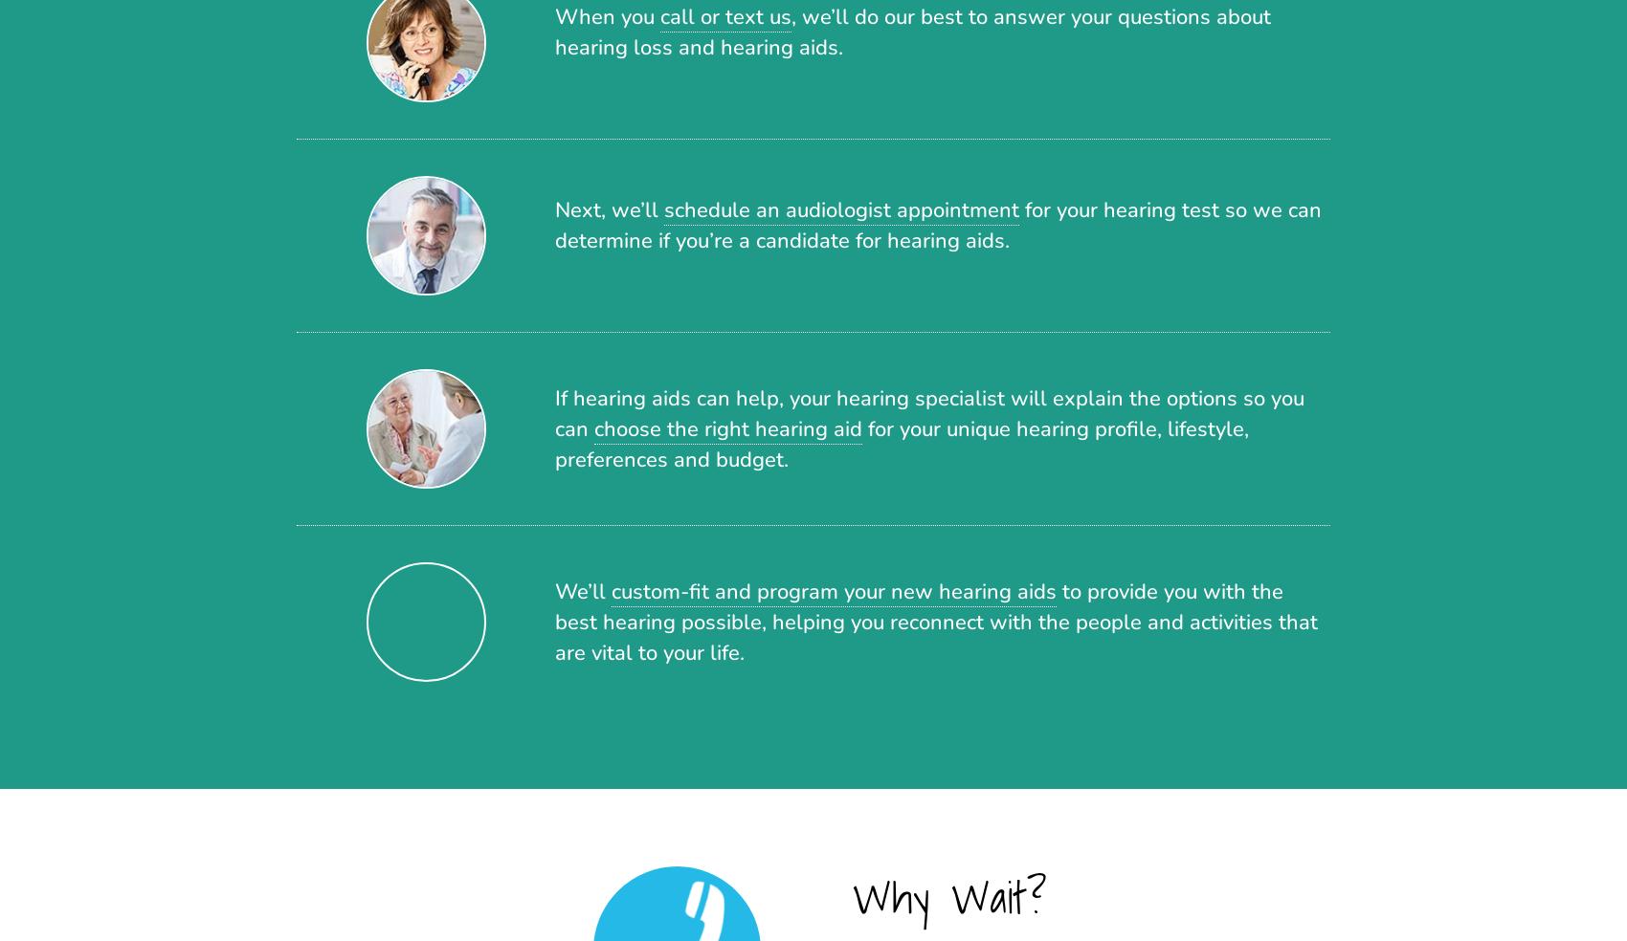 This screenshot has height=941, width=1627. I want to click on 'Why Wait?', so click(948, 895).